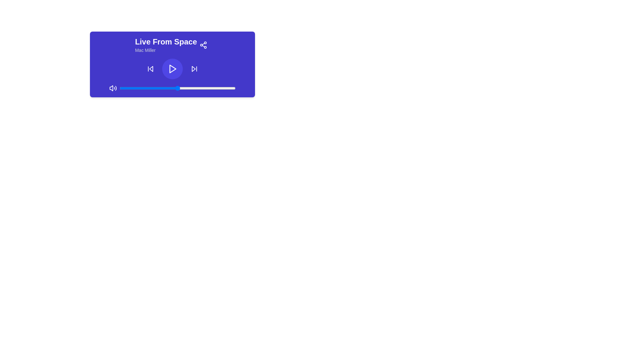 The width and height of the screenshot is (619, 348). What do you see at coordinates (172, 69) in the screenshot?
I see `the play/pause button in the media control button group` at bounding box center [172, 69].